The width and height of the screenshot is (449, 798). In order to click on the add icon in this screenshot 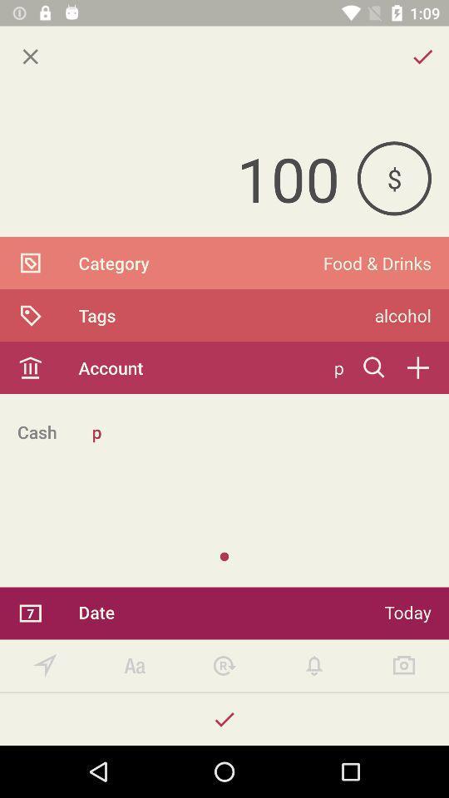, I will do `click(417, 367)`.